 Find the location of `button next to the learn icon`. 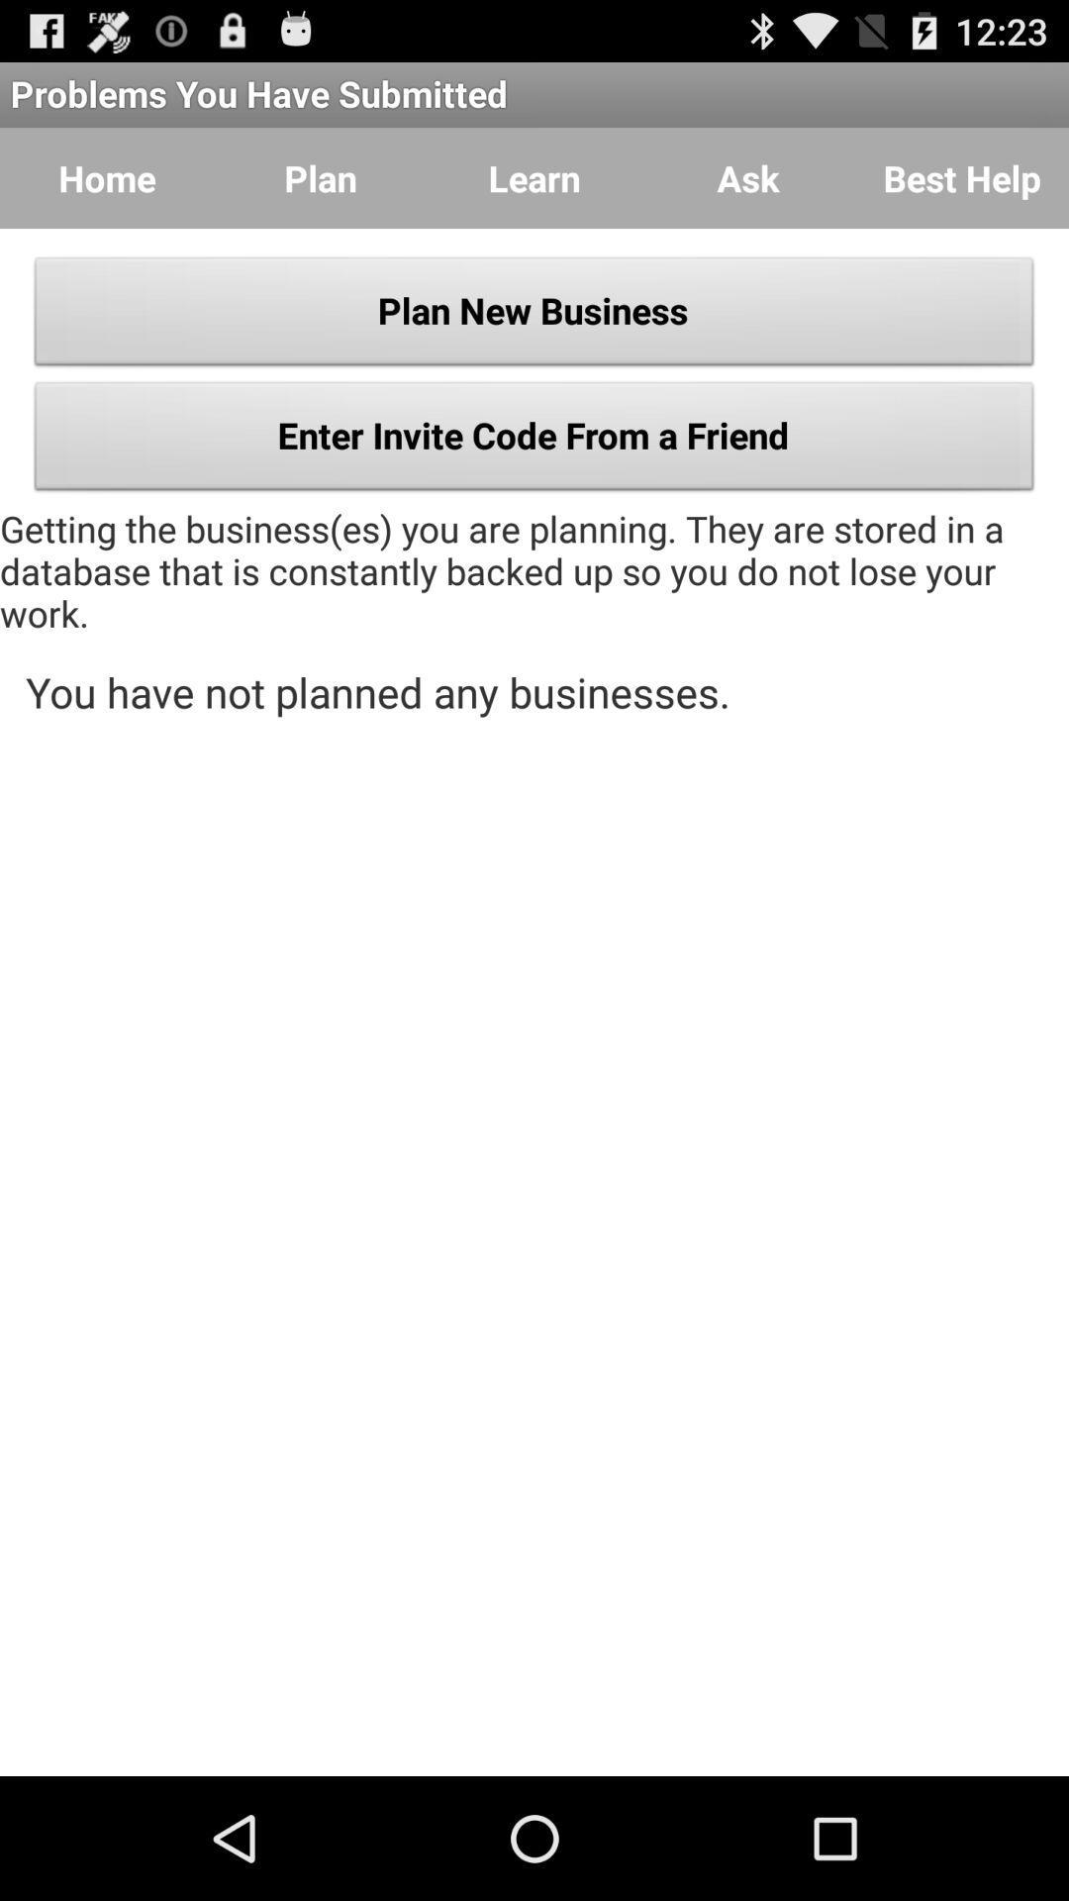

button next to the learn icon is located at coordinates (748, 178).